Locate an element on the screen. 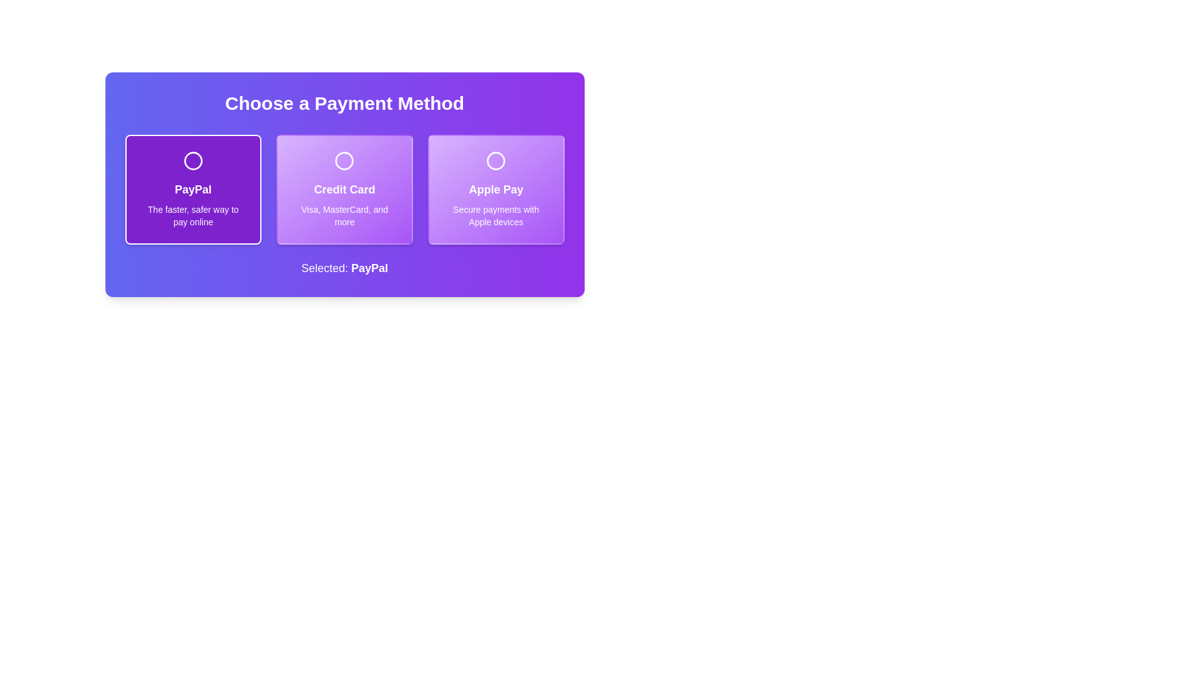  the circular icon with a white border on a purple background, which is located at the top center of the 'Apple Pay' card containing 'Secure payments with Apple devices' as its description is located at coordinates (495, 160).